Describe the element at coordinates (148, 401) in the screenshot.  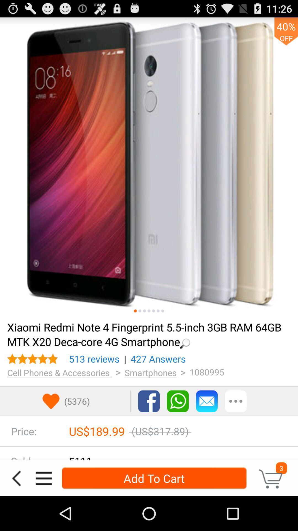
I see `share on facebook` at that location.